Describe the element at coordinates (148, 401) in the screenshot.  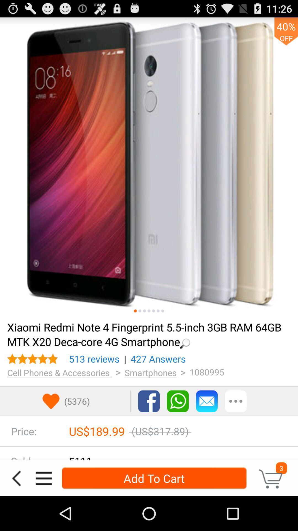
I see `share on facebook` at that location.